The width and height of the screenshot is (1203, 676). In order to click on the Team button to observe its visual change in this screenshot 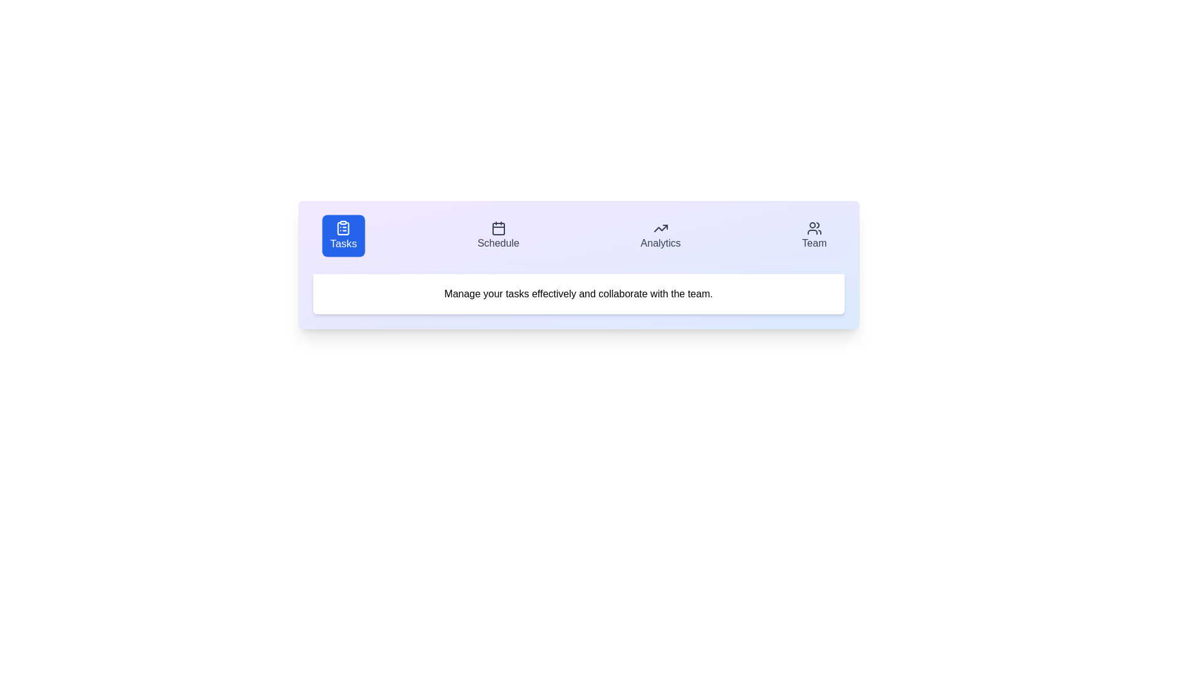, I will do `click(814, 236)`.